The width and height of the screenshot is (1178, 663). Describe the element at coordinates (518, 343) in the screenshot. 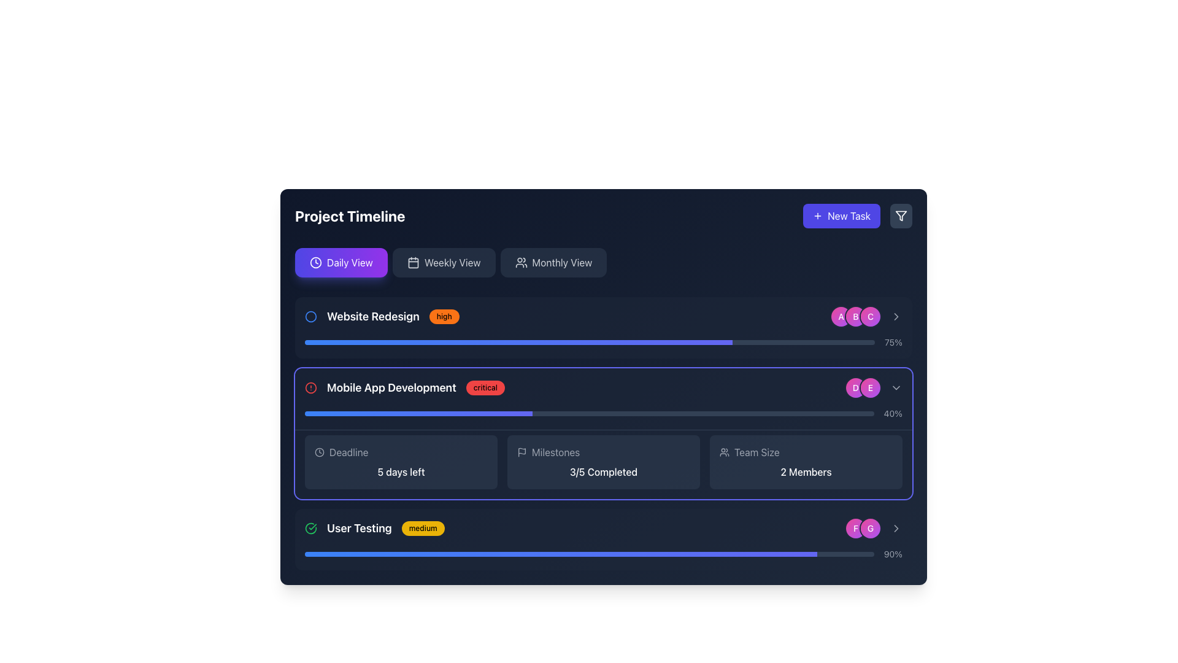

I see `surrounding elements of the progress bar indicator within the 'Website Redesign' task card, which shows 75% completion` at that location.